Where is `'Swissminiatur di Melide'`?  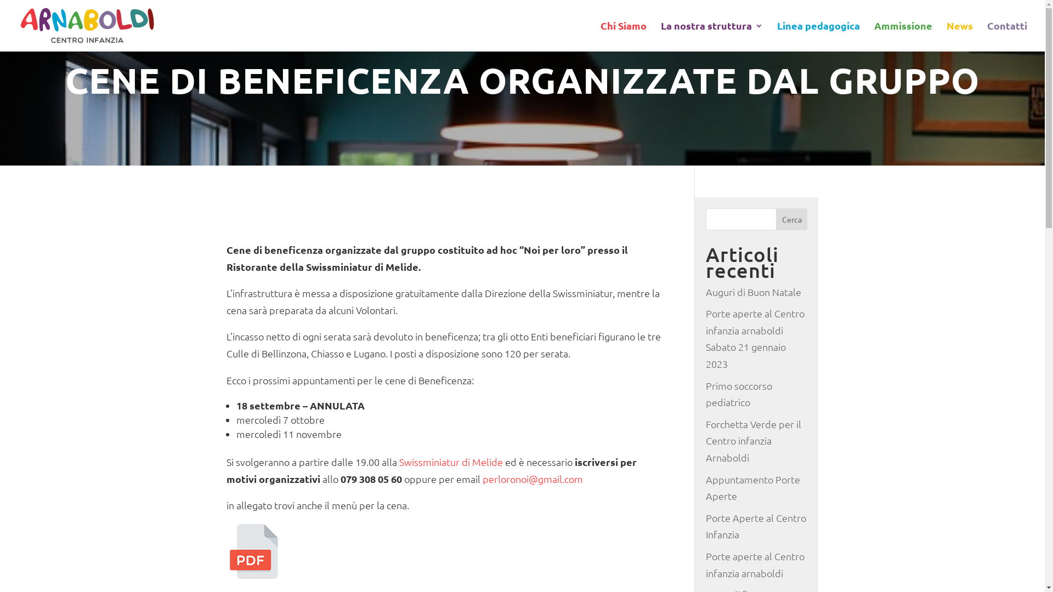
'Swissminiatur di Melide' is located at coordinates (451, 462).